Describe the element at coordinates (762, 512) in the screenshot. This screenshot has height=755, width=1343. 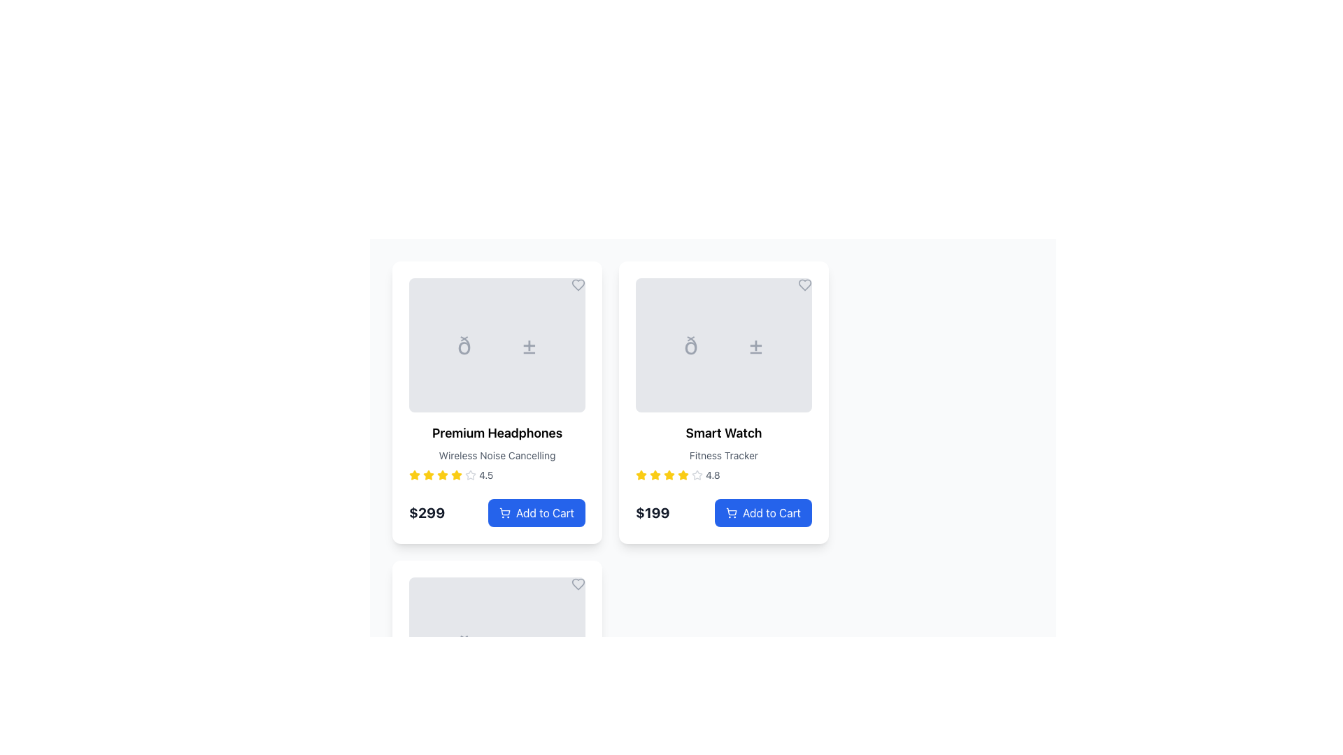
I see `the 'Add to Cart' button located in the bottom-right section of the product card for the 'Smart Watch'` at that location.